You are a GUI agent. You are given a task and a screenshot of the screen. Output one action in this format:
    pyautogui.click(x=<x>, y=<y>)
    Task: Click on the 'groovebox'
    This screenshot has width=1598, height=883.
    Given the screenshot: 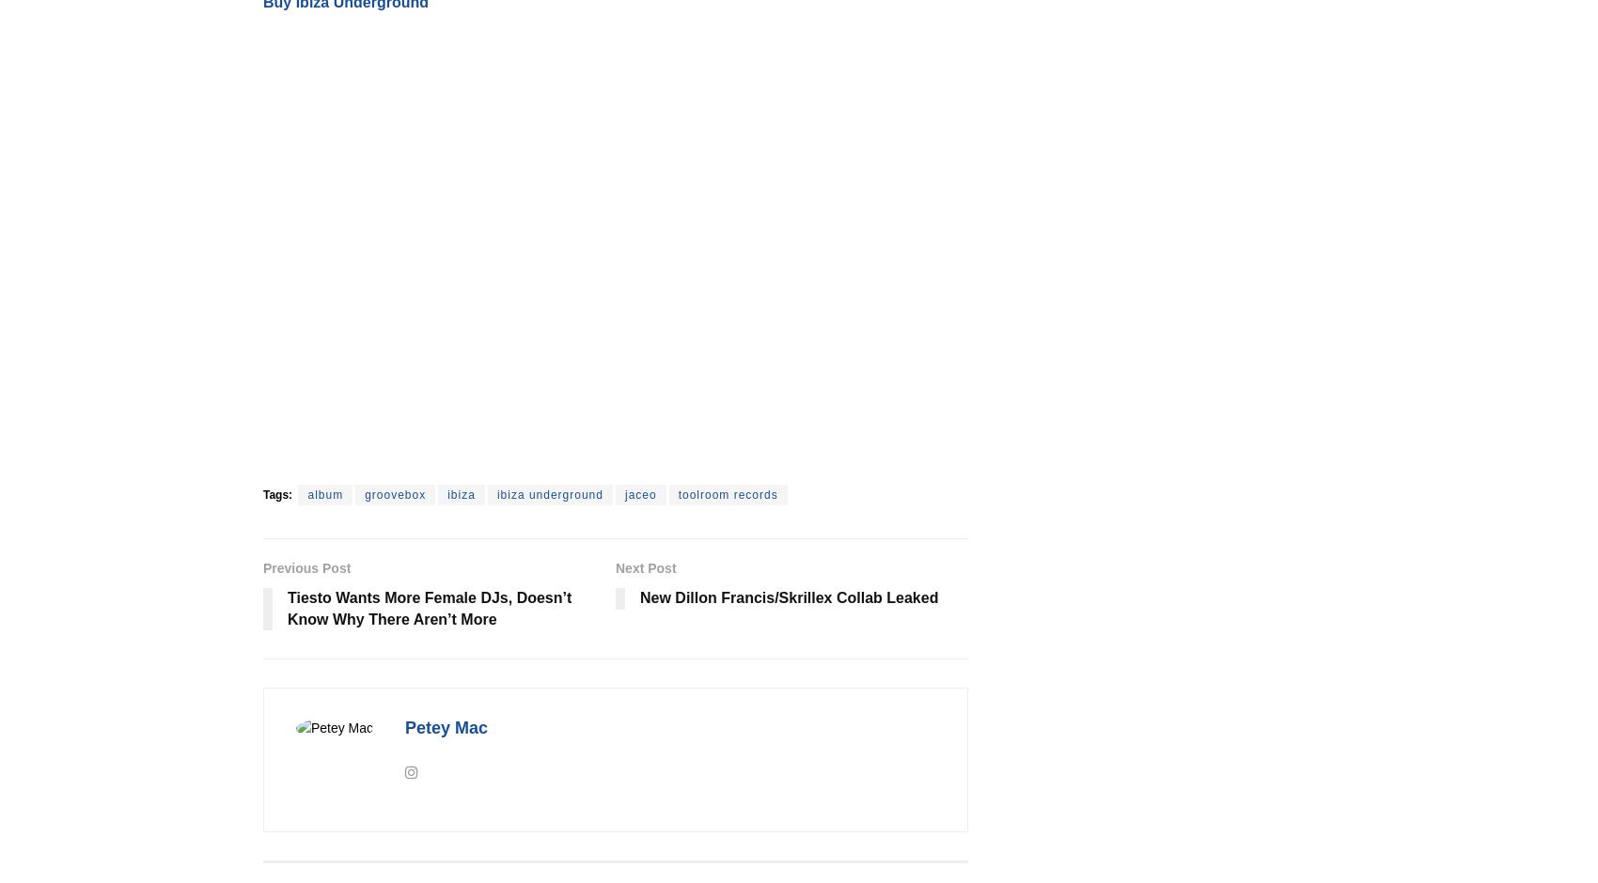 What is the action you would take?
    pyautogui.click(x=394, y=493)
    